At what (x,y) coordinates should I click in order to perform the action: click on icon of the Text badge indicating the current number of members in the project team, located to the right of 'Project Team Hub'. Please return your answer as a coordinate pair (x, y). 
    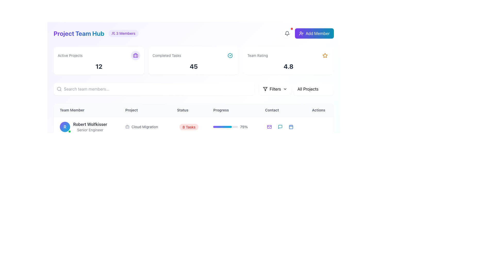
    Looking at the image, I should click on (123, 33).